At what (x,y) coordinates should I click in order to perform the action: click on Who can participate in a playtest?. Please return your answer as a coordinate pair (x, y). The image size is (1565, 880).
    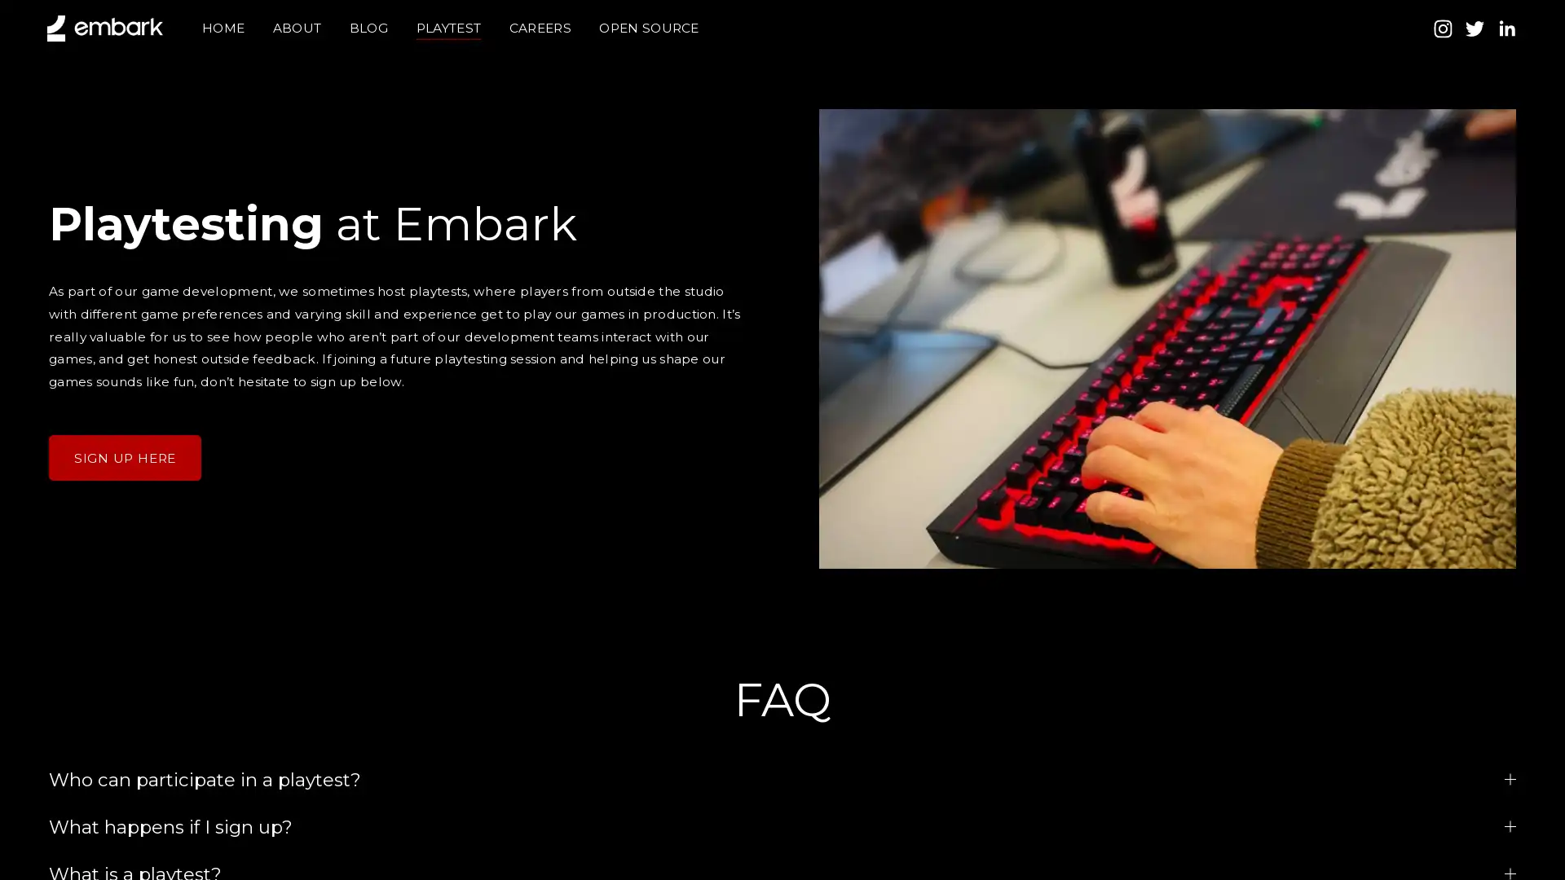
    Looking at the image, I should click on (782, 778).